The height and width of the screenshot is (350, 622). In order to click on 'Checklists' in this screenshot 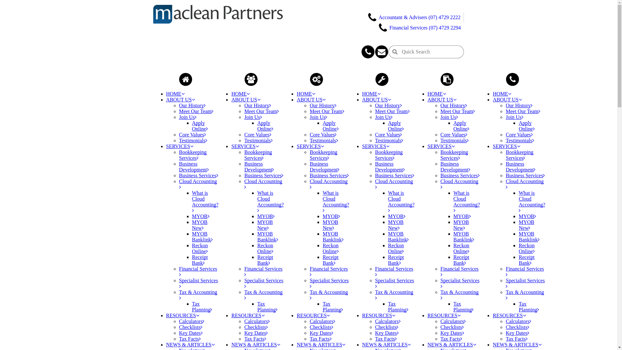, I will do `click(256, 327)`.